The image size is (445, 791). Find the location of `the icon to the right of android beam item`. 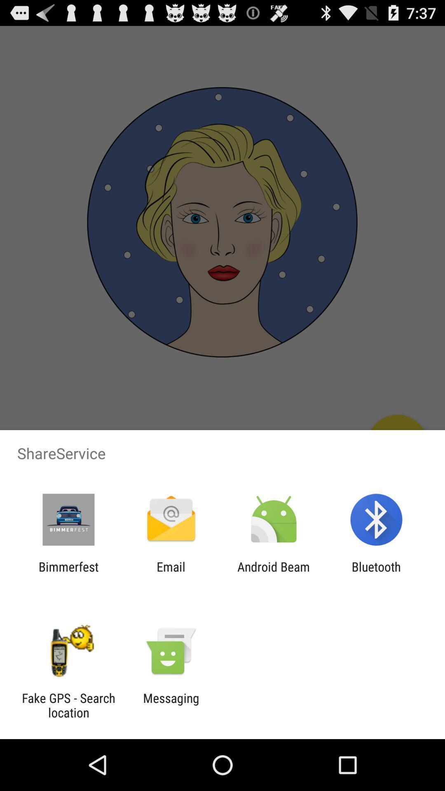

the icon to the right of android beam item is located at coordinates (376, 573).